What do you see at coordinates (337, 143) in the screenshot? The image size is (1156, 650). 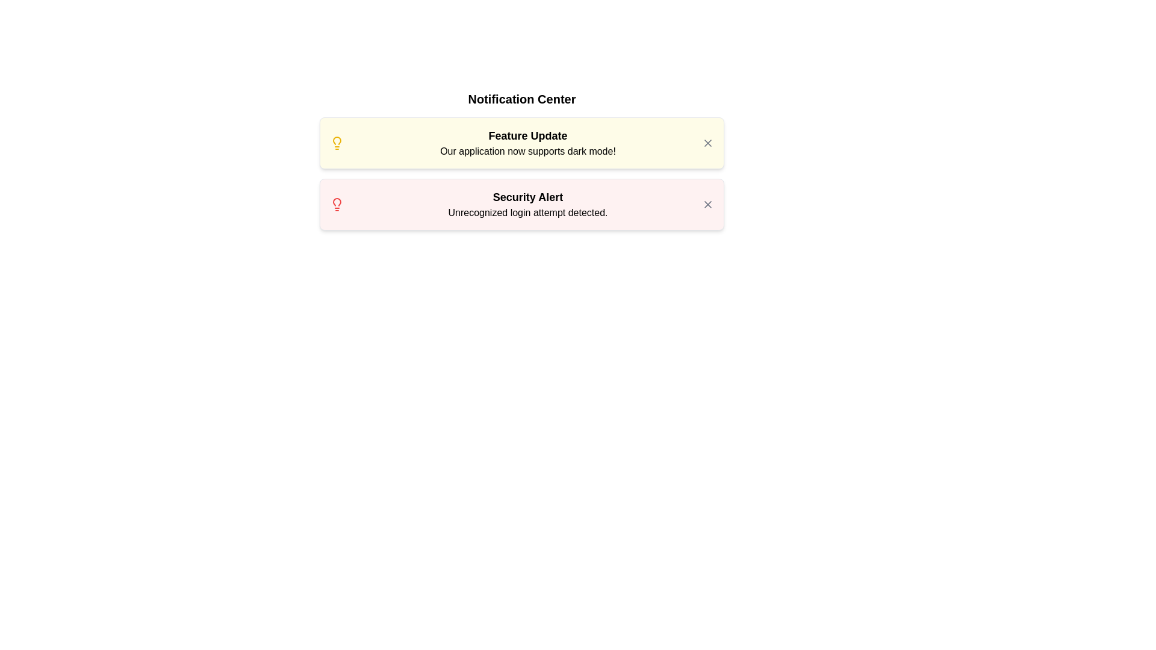 I see `the yellow lightbulb icon located at the top-left corner of the 'Feature Update' notification card, which has a pale yellow background` at bounding box center [337, 143].